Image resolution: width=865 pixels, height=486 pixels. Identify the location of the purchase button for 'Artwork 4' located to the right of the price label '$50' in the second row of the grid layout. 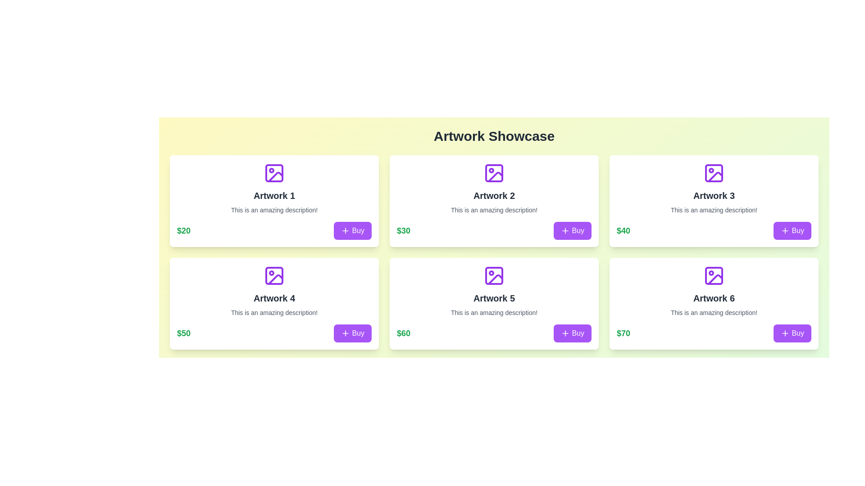
(352, 333).